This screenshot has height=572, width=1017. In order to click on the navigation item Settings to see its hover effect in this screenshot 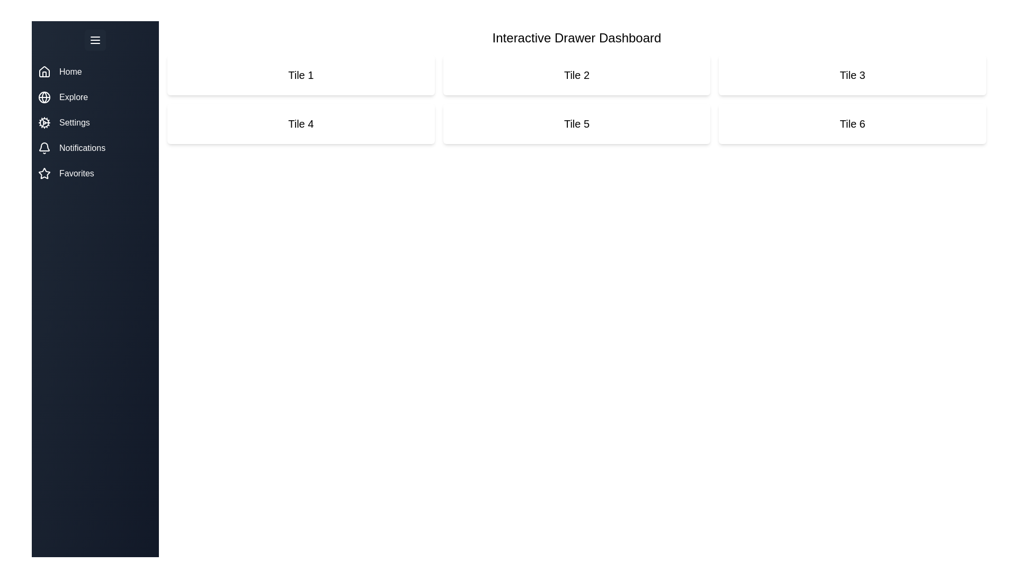, I will do `click(95, 122)`.